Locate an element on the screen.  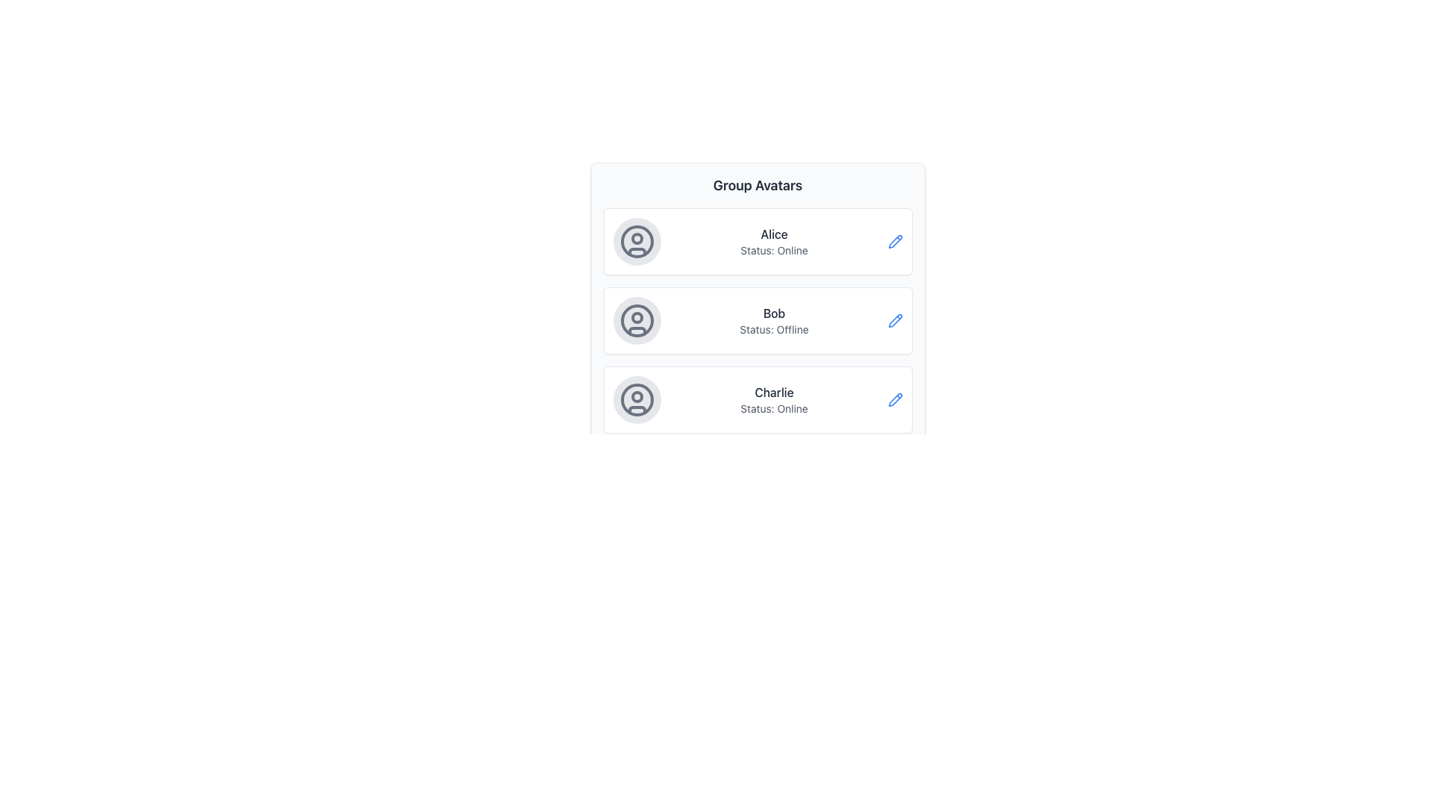
the Label displaying 'Bob' with the status 'Offline', which is the second item in a vertically stacked list of similar elements is located at coordinates (774, 319).